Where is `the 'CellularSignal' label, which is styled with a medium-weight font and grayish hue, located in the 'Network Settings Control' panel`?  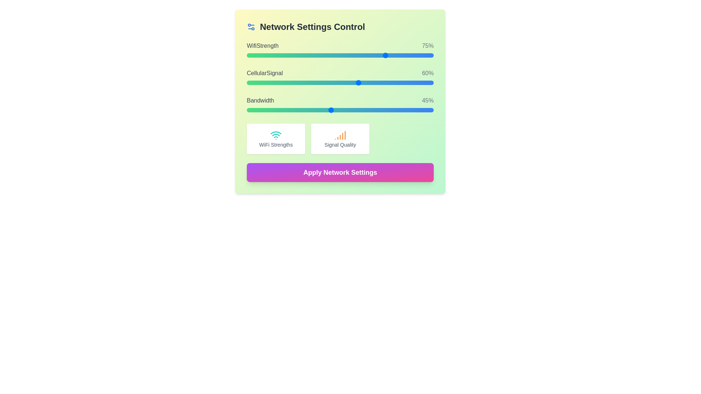
the 'CellularSignal' label, which is styled with a medium-weight font and grayish hue, located in the 'Network Settings Control' panel is located at coordinates (264, 73).